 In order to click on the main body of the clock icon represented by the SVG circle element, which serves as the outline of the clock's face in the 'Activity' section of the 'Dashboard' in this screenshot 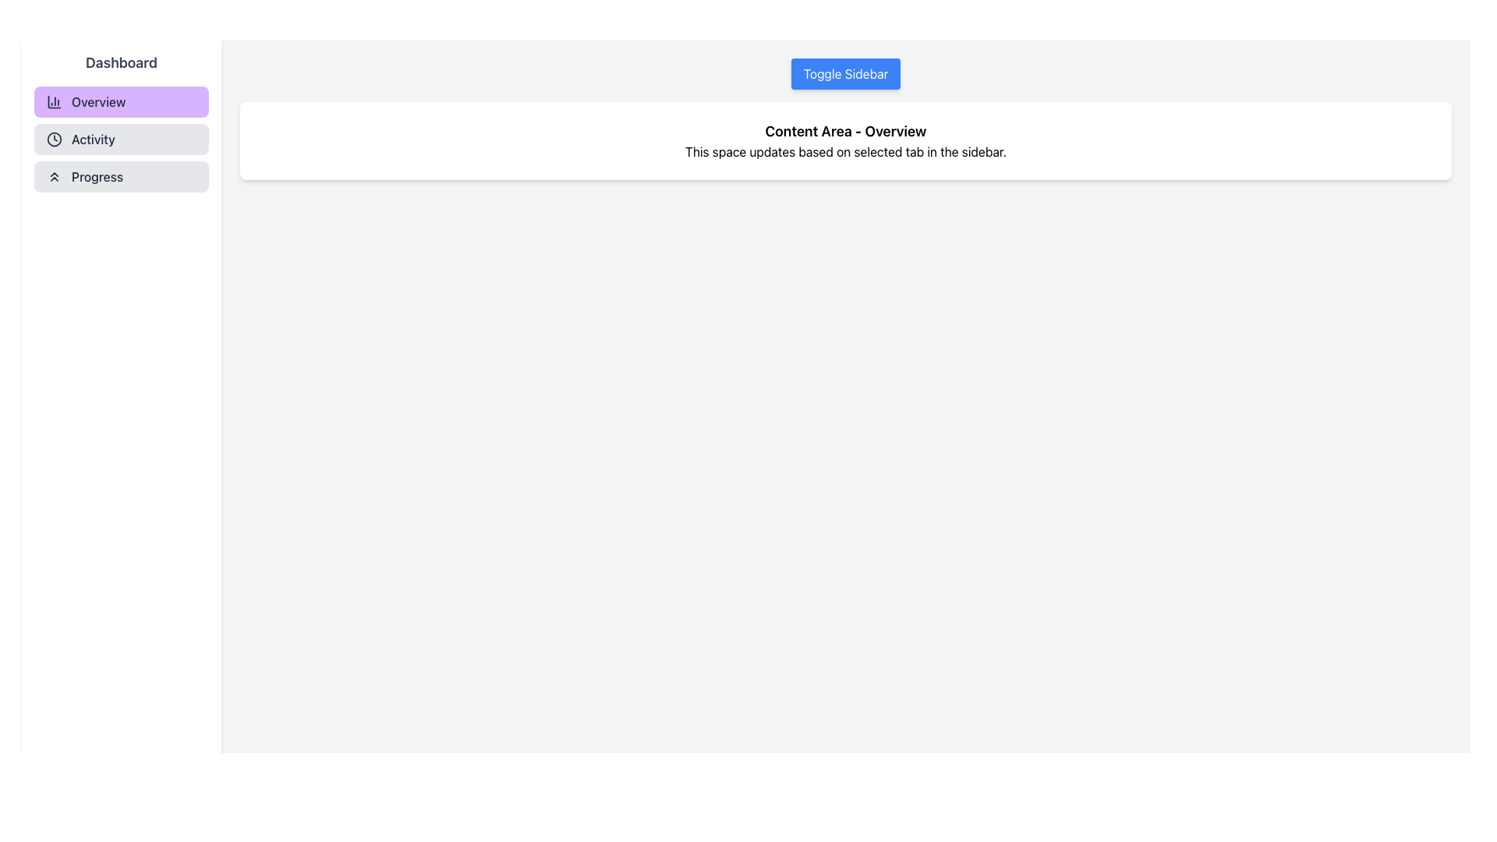, I will do `click(55, 138)`.